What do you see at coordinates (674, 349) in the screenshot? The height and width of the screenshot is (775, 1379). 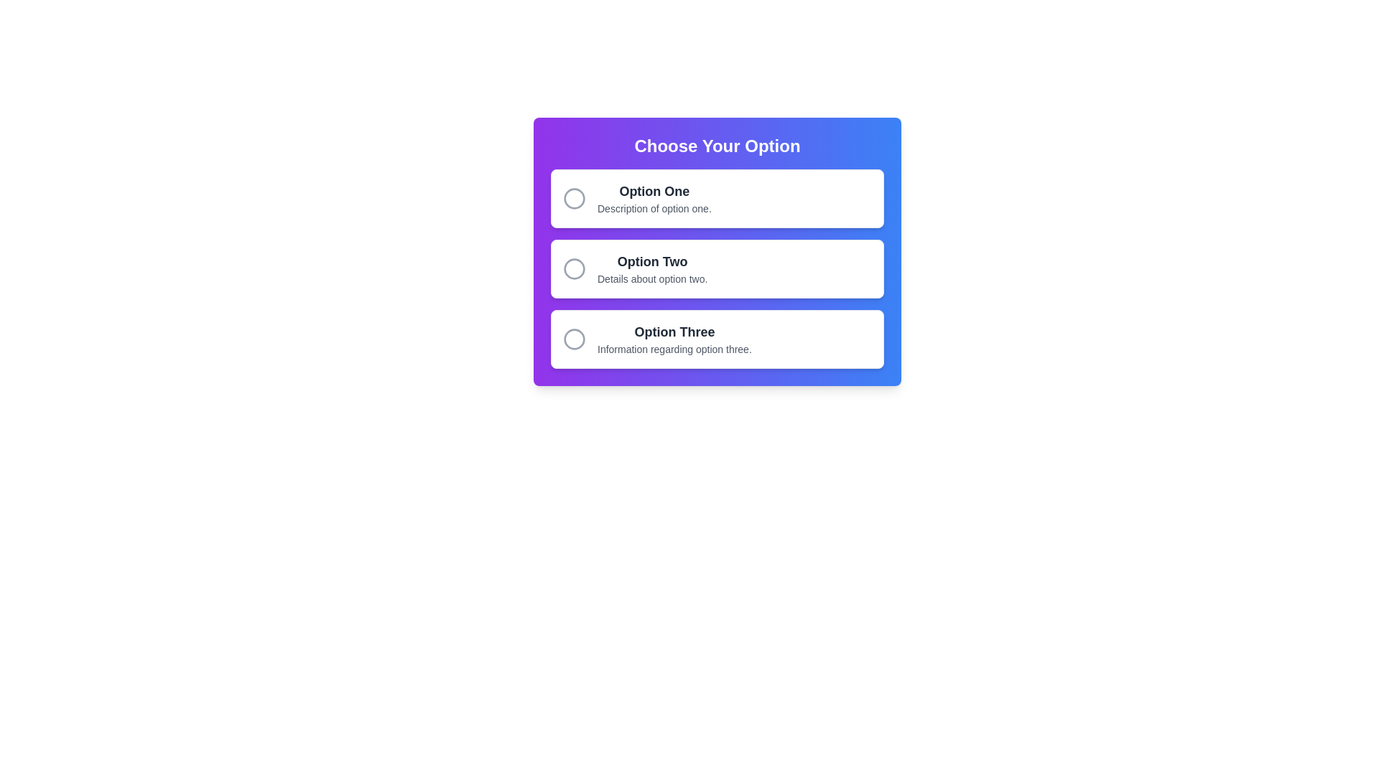 I see `descriptive text label located below the heading 'Option Three' in the third option group on the right-hand segment of the interface` at bounding box center [674, 349].